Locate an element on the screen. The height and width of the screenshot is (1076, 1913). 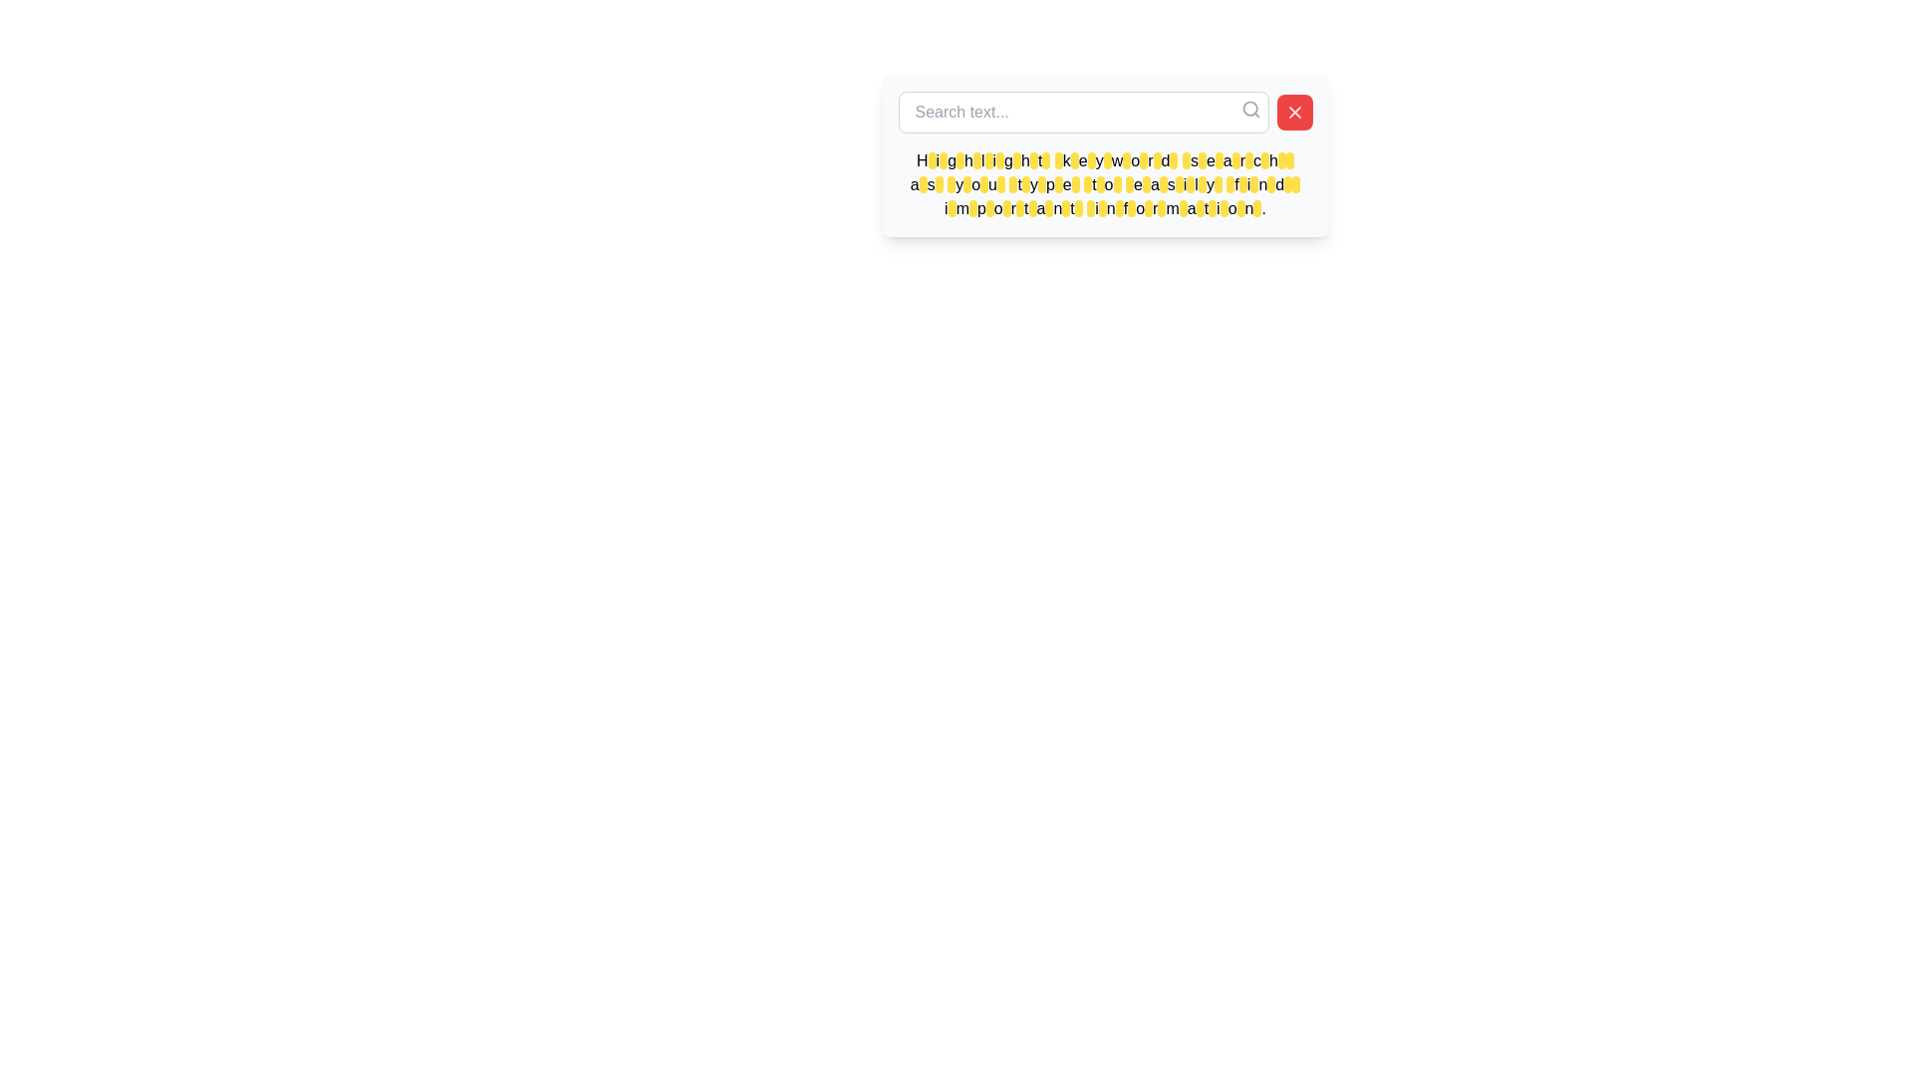
the small rectangular yellow highlight with rounded corners covering the letter 'E' in the word 'keyword' within the block of text is located at coordinates (1090, 159).